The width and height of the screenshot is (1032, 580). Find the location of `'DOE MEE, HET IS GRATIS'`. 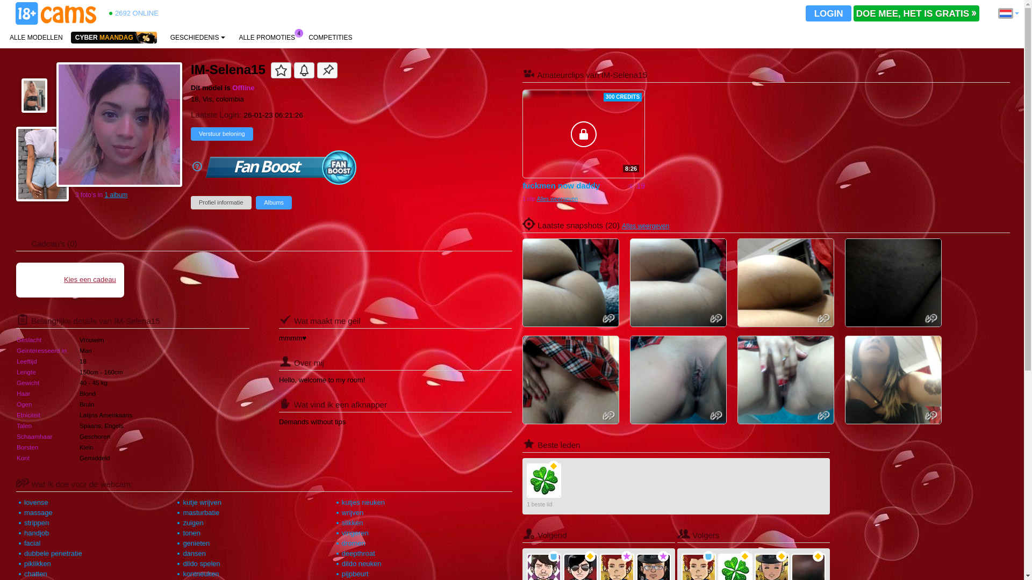

'DOE MEE, HET IS GRATIS' is located at coordinates (915, 13).